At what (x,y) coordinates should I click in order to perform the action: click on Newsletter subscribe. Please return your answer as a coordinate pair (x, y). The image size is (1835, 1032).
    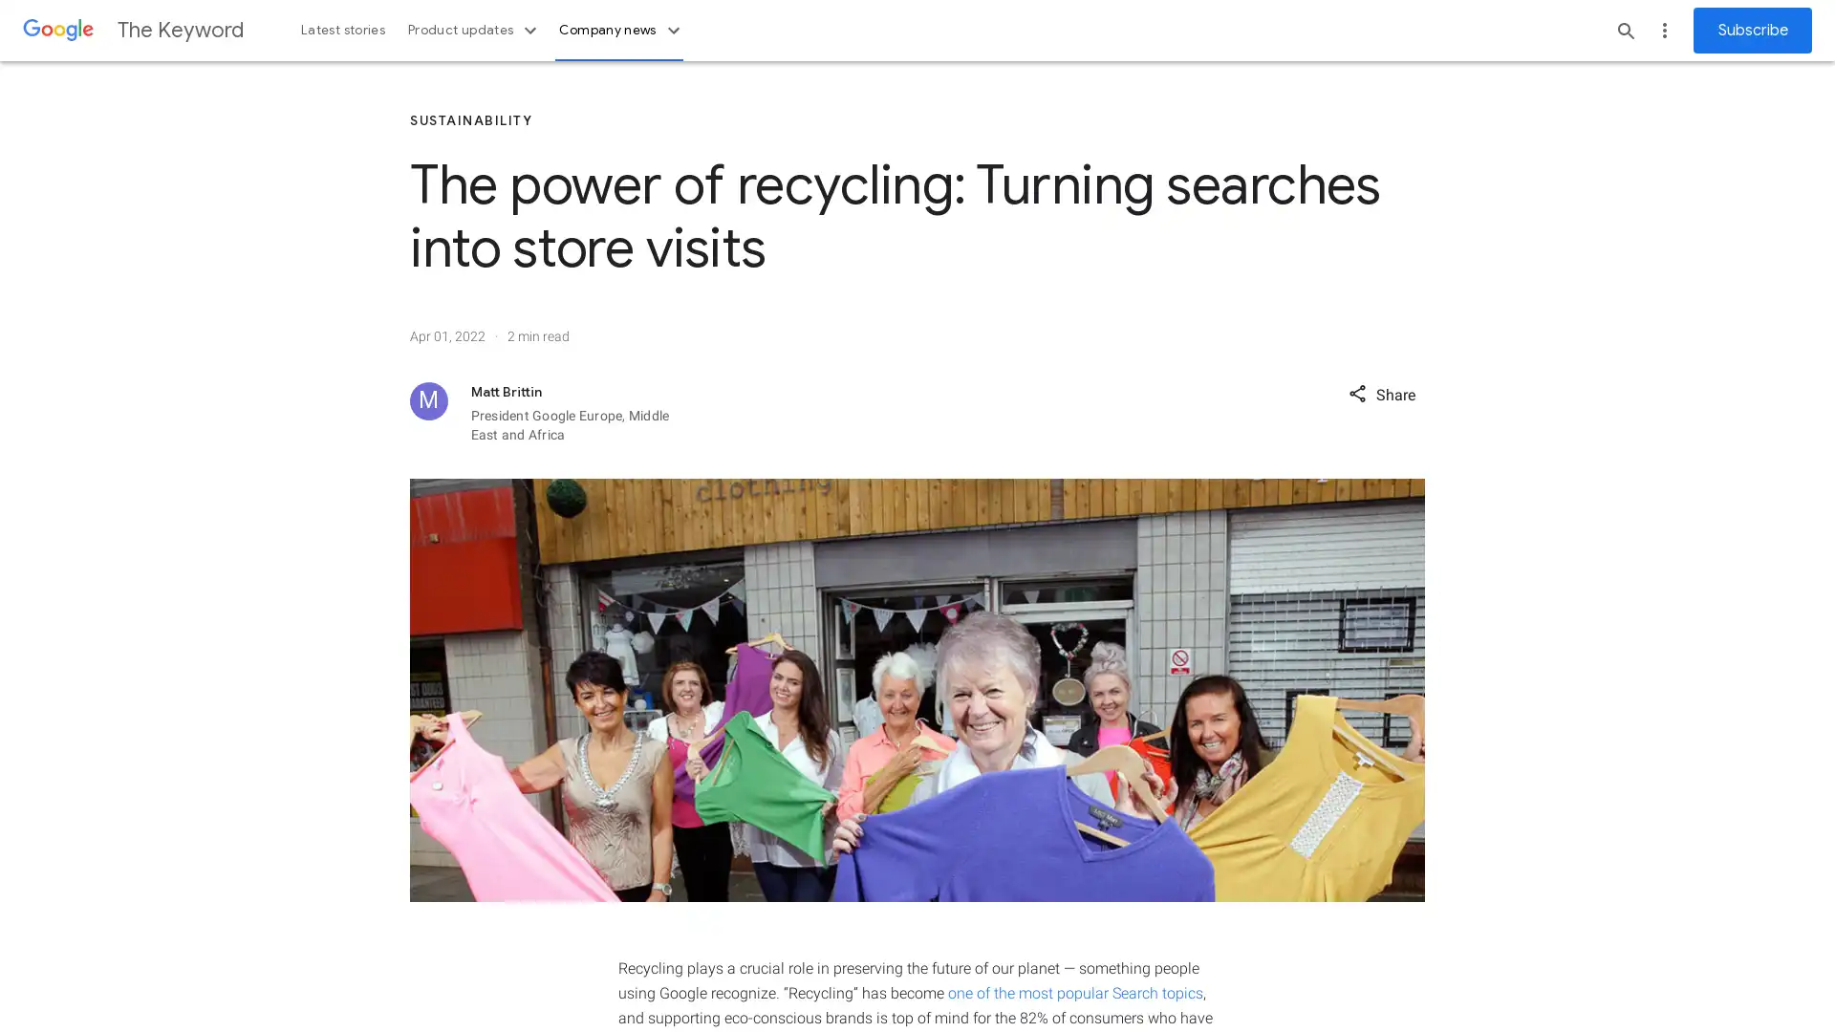
    Looking at the image, I should click on (1752, 30).